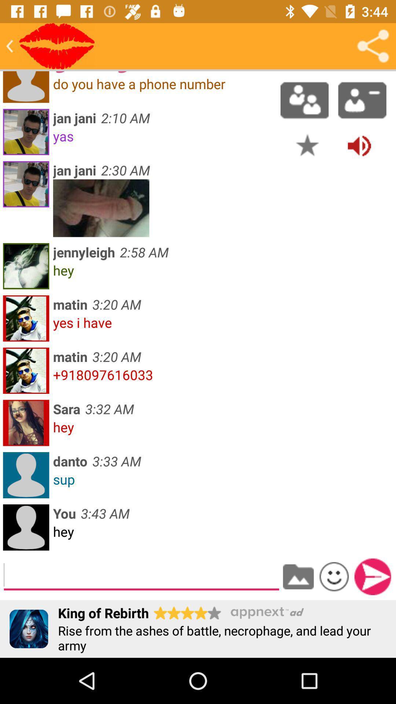 This screenshot has width=396, height=704. Describe the element at coordinates (298, 576) in the screenshot. I see `to device` at that location.